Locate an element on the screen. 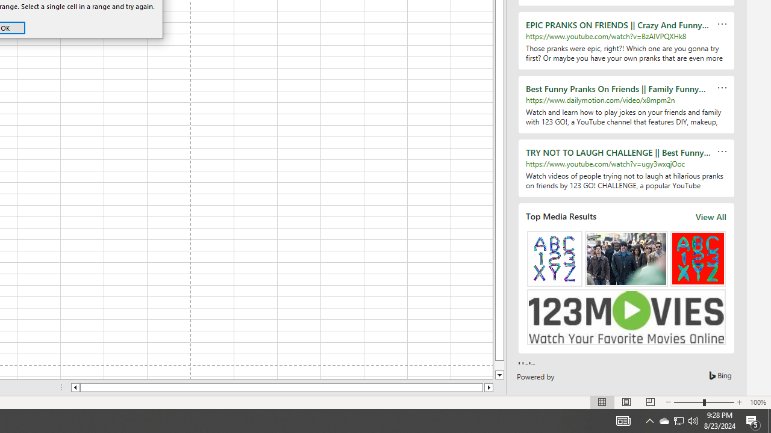  'Normal' is located at coordinates (602, 402).